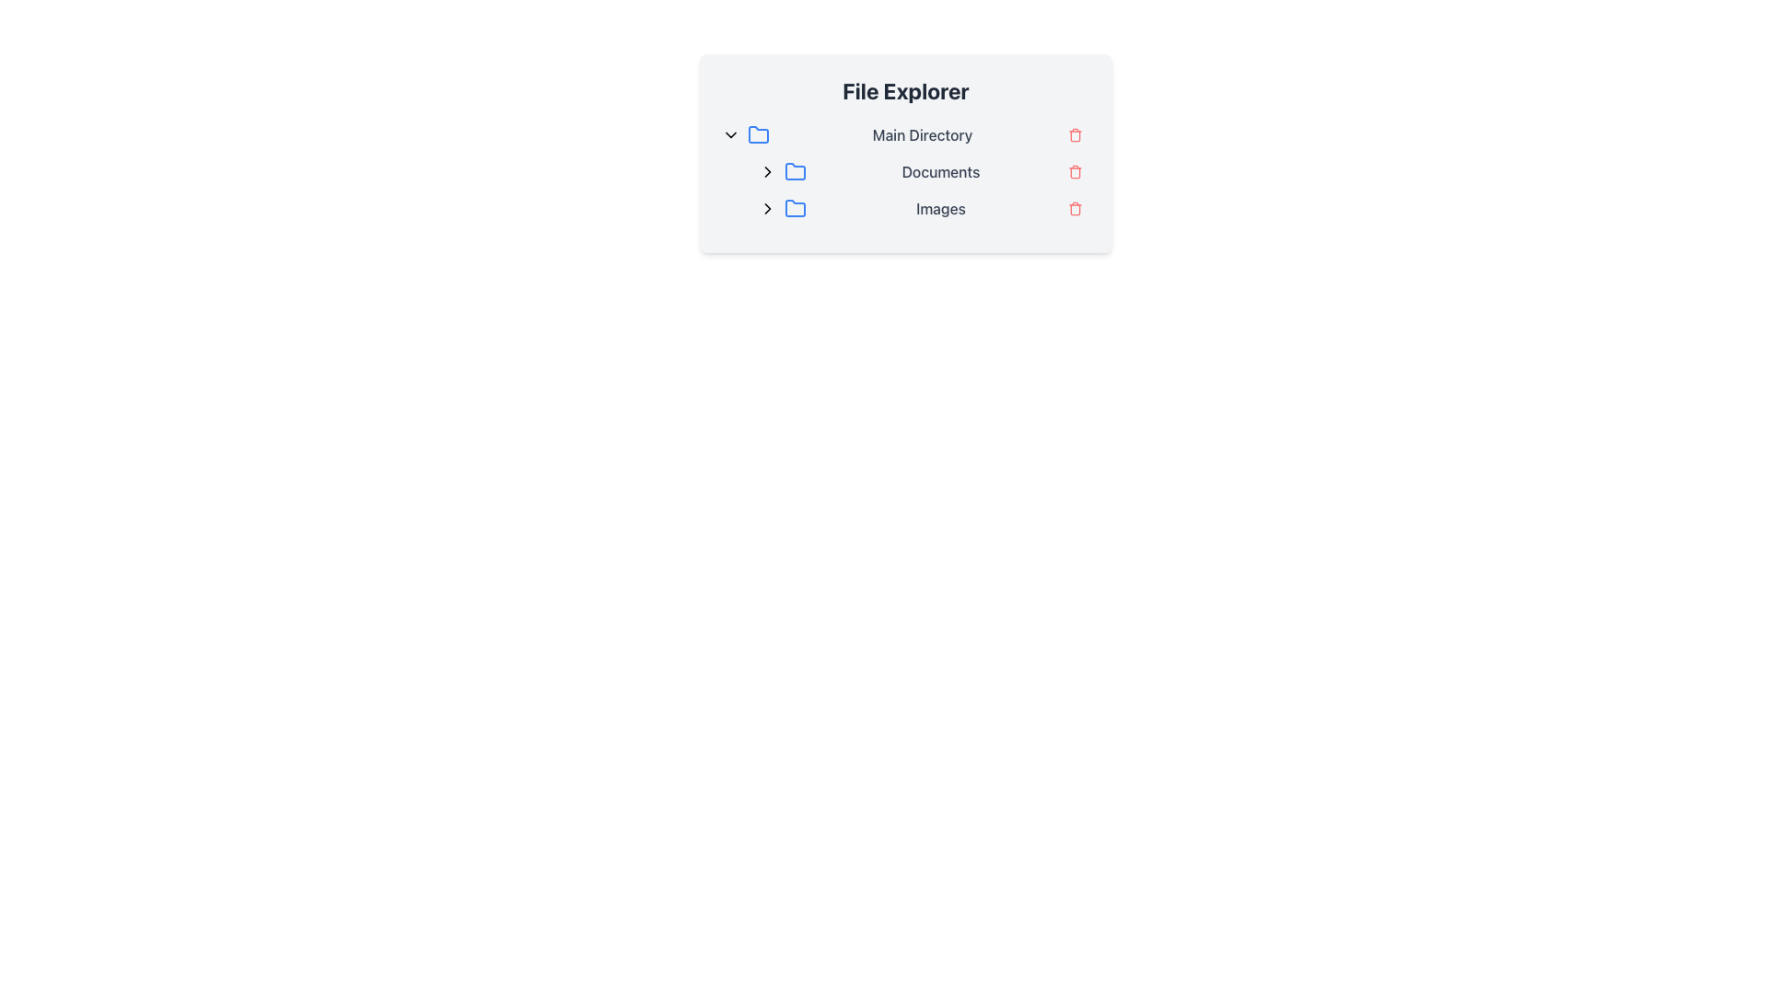 This screenshot has height=994, width=1768. I want to click on the 'Documents' text label, which is styled with medium font weight and gray color, located in the file explorer interface as the second entry in the file hierarchy, so click(941, 171).